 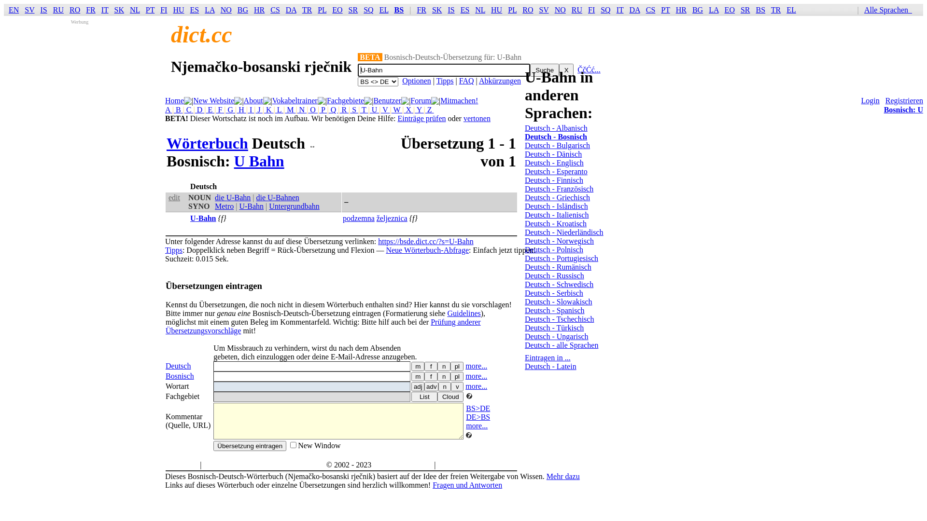 I want to click on 'Tipps', so click(x=165, y=249).